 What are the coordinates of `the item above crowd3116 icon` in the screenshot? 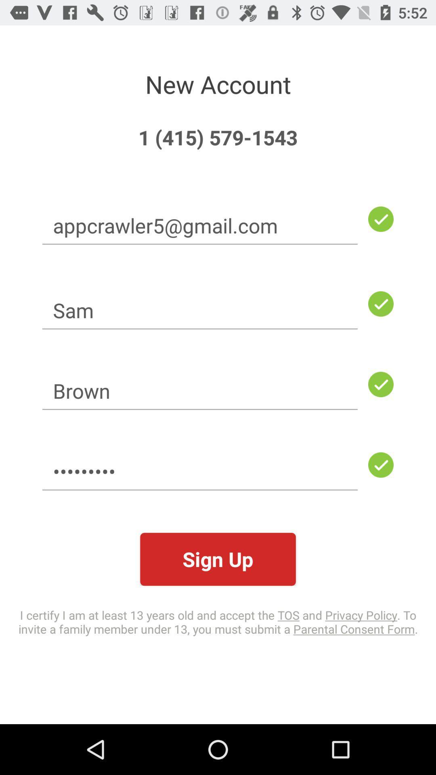 It's located at (200, 391).